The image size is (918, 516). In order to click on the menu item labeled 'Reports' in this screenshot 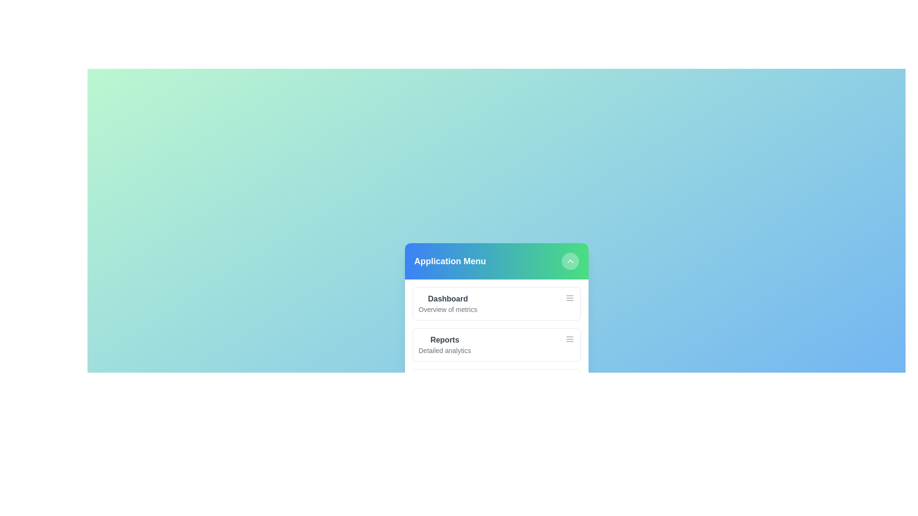, I will do `click(444, 340)`.